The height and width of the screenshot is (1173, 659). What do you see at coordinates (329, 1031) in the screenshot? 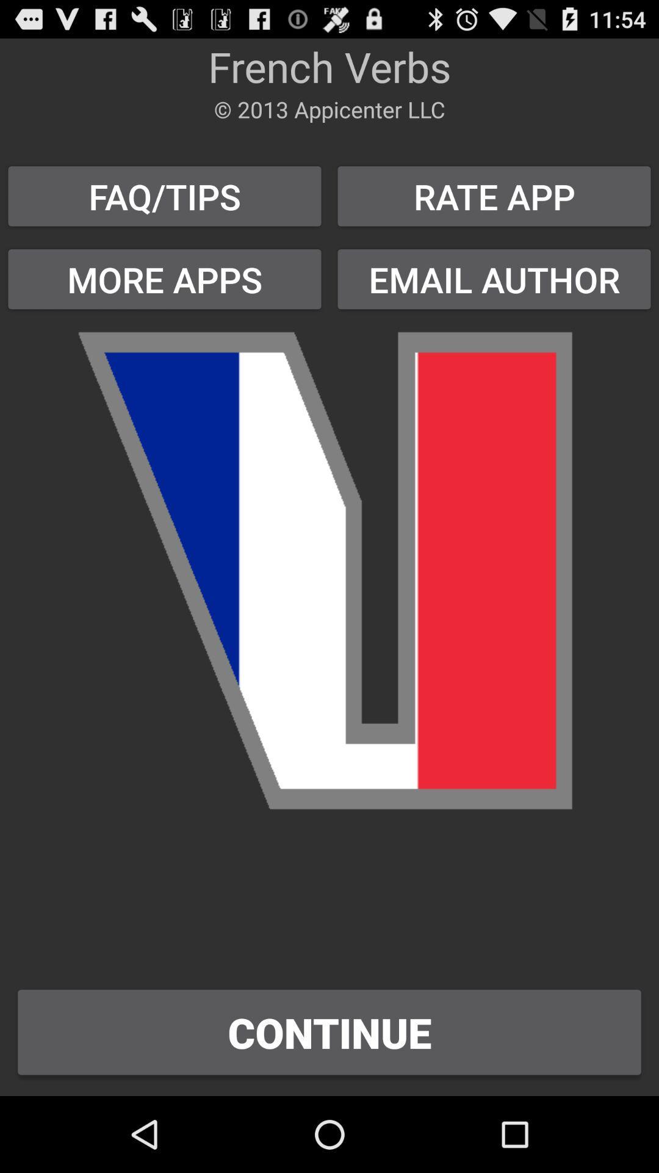
I see `icon at the bottom` at bounding box center [329, 1031].